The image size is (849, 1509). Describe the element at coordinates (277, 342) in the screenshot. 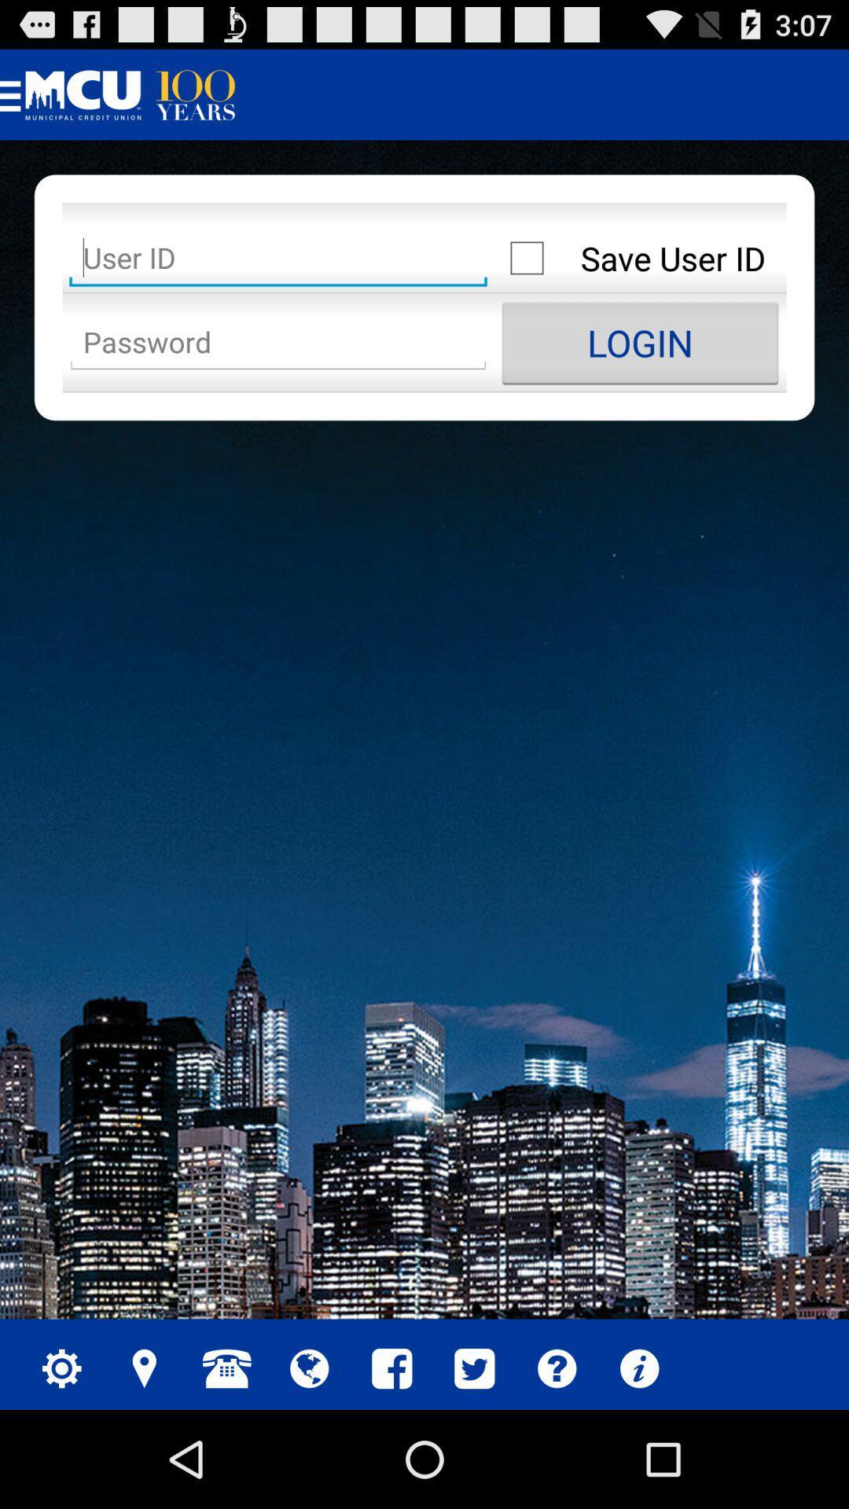

I see `password` at that location.